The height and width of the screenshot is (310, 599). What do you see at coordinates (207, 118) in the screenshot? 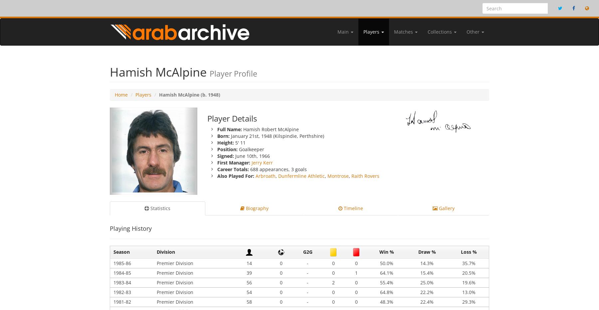
I see `'Player Details'` at bounding box center [207, 118].